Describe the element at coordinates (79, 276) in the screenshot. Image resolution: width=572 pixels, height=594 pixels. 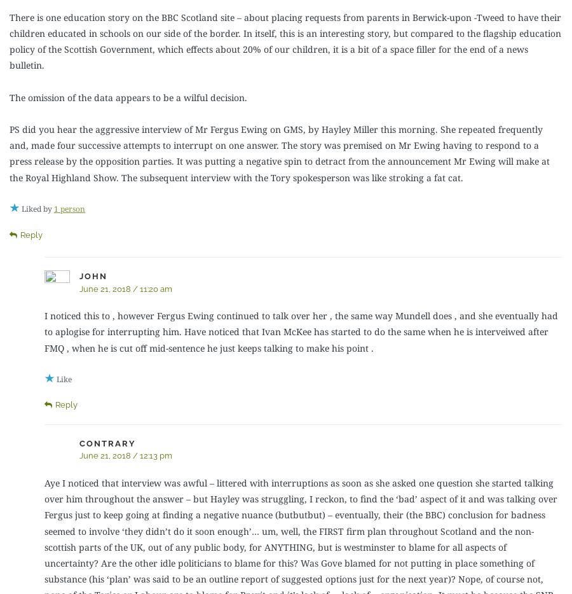
I see `'John'` at that location.